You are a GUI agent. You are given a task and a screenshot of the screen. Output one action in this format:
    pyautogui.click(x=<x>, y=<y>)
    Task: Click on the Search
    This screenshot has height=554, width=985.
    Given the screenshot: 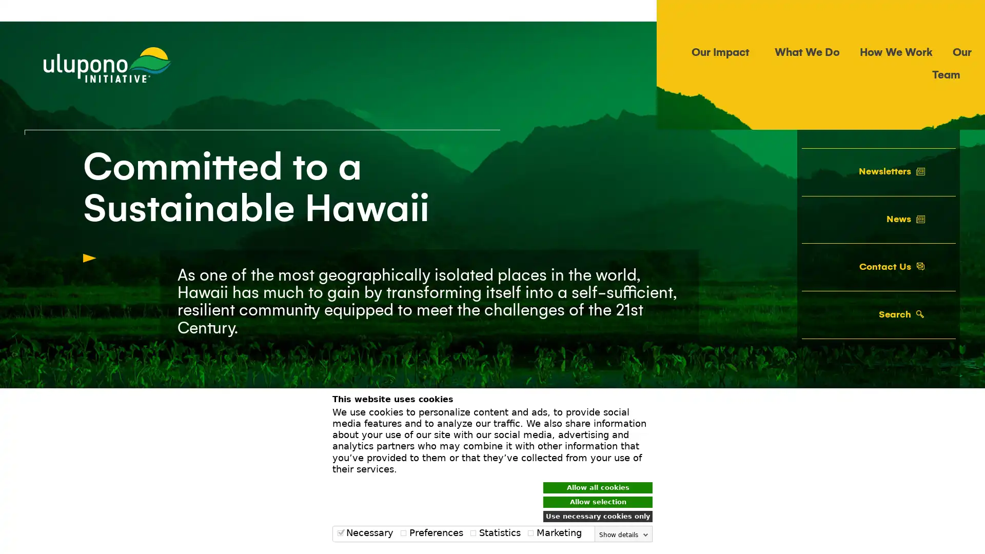 What is the action you would take?
    pyautogui.click(x=814, y=44)
    